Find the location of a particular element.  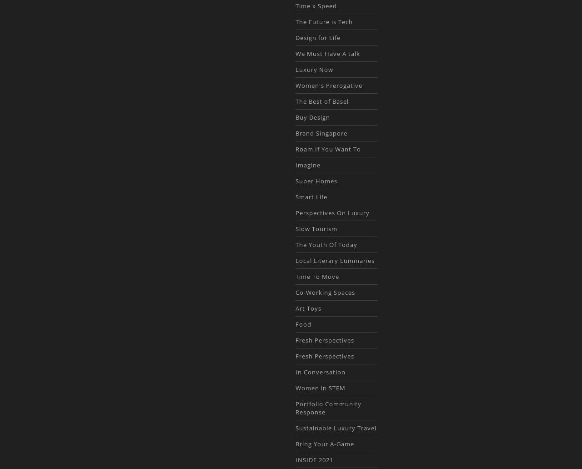

'Luxury Now' is located at coordinates (314, 69).